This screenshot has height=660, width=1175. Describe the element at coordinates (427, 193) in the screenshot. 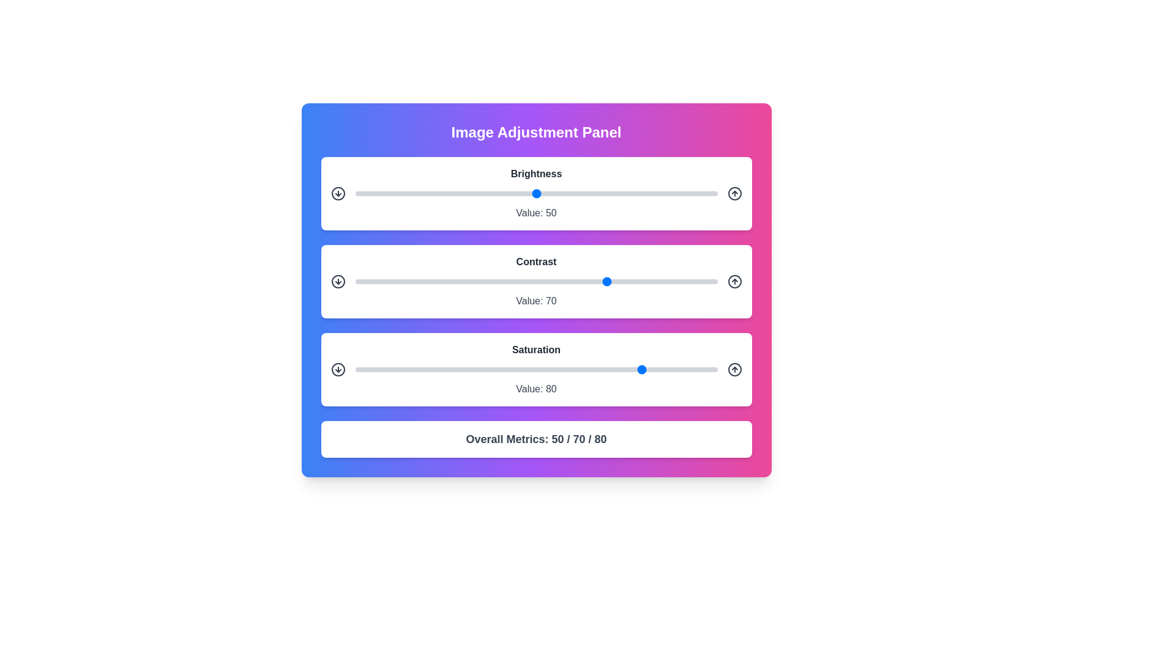

I see `brightness` at that location.